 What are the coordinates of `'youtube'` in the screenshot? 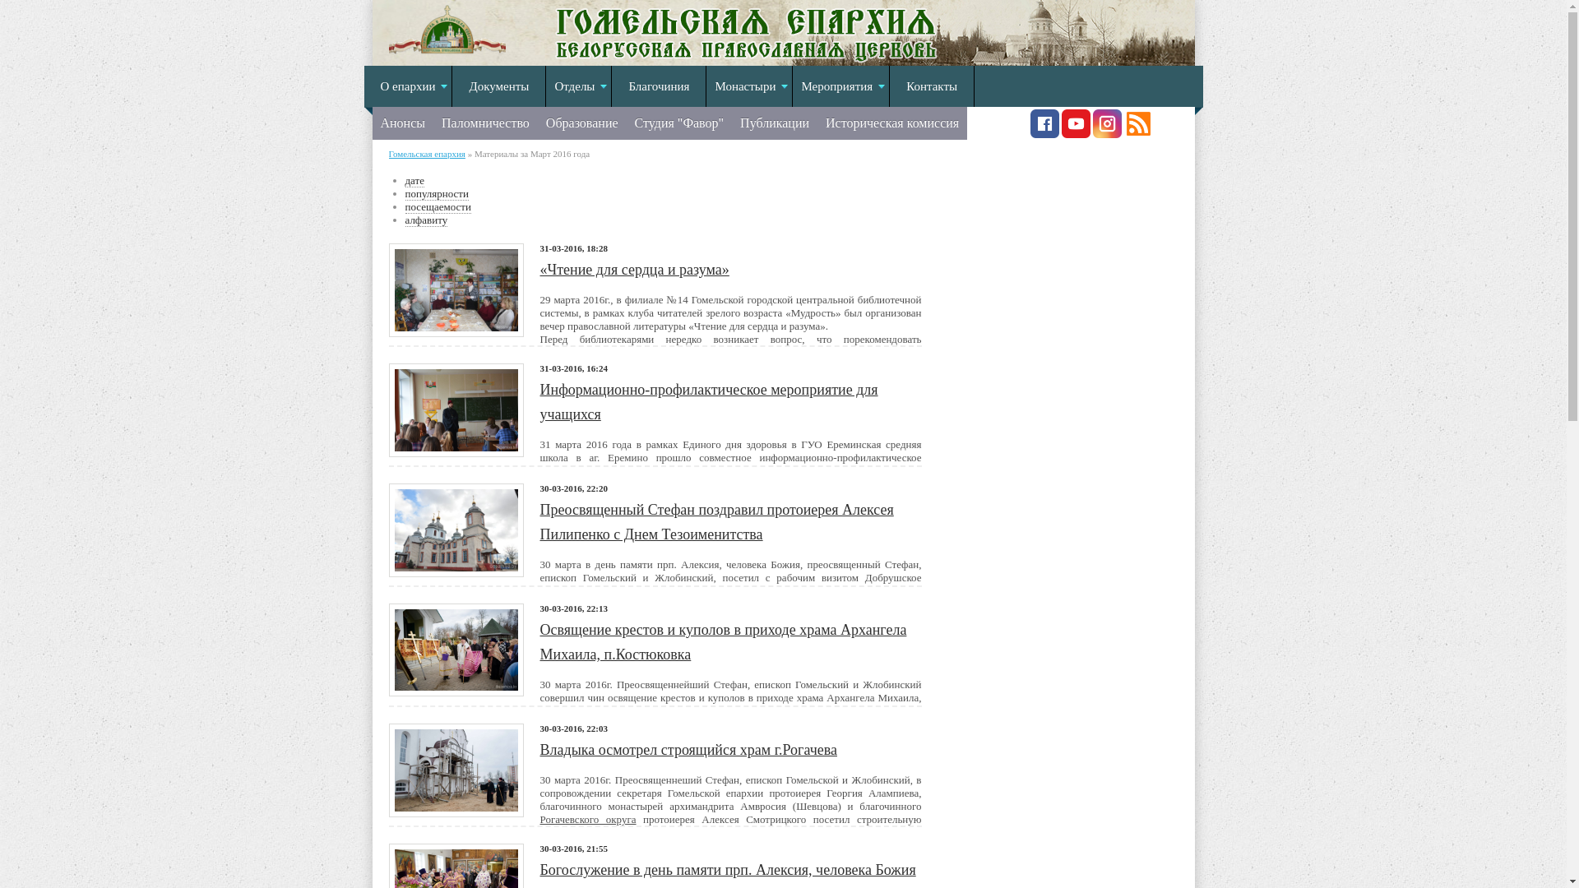 It's located at (1076, 133).